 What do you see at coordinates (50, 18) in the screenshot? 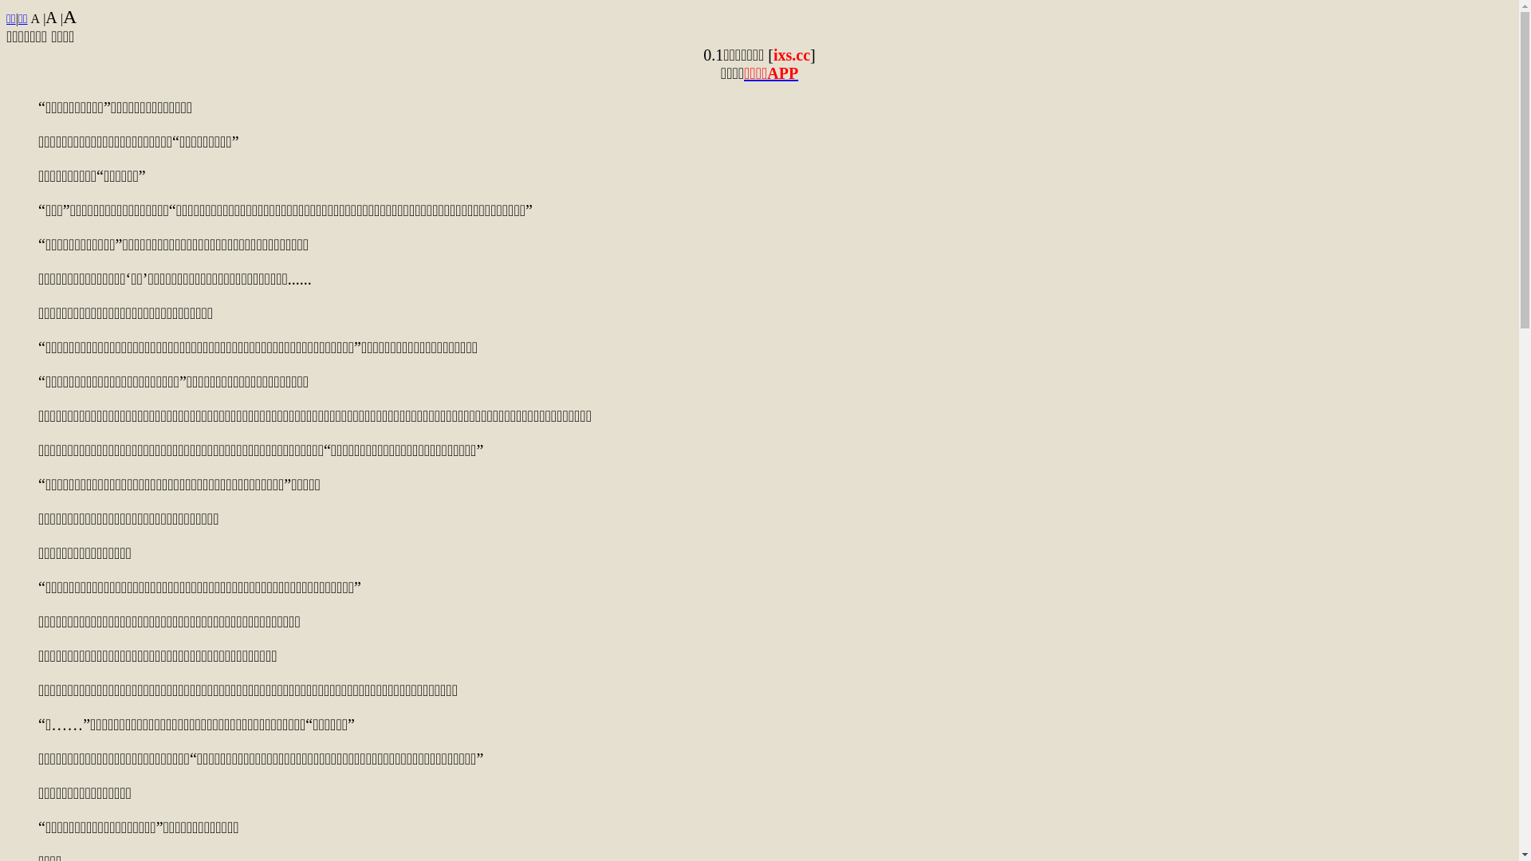
I see `'A'` at bounding box center [50, 18].